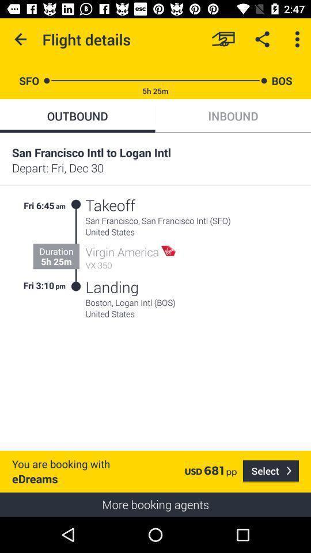 The image size is (311, 553). What do you see at coordinates (223, 39) in the screenshot?
I see `payment method` at bounding box center [223, 39].